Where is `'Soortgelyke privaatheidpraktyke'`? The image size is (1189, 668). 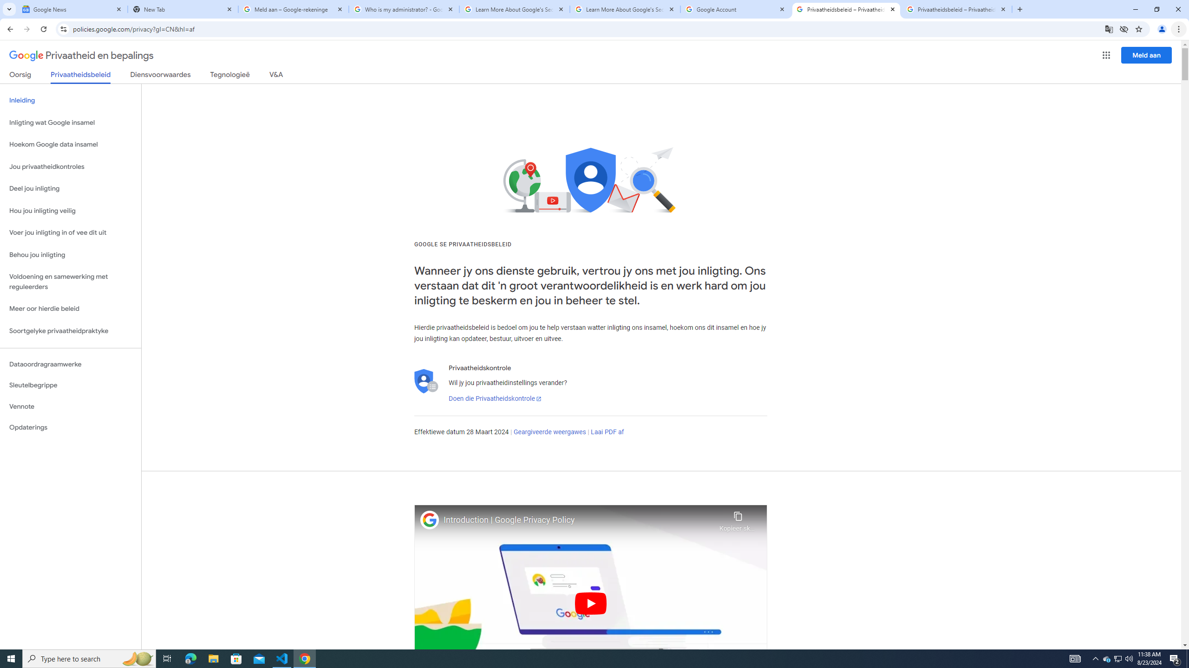 'Soortgelyke privaatheidpraktyke' is located at coordinates (70, 330).